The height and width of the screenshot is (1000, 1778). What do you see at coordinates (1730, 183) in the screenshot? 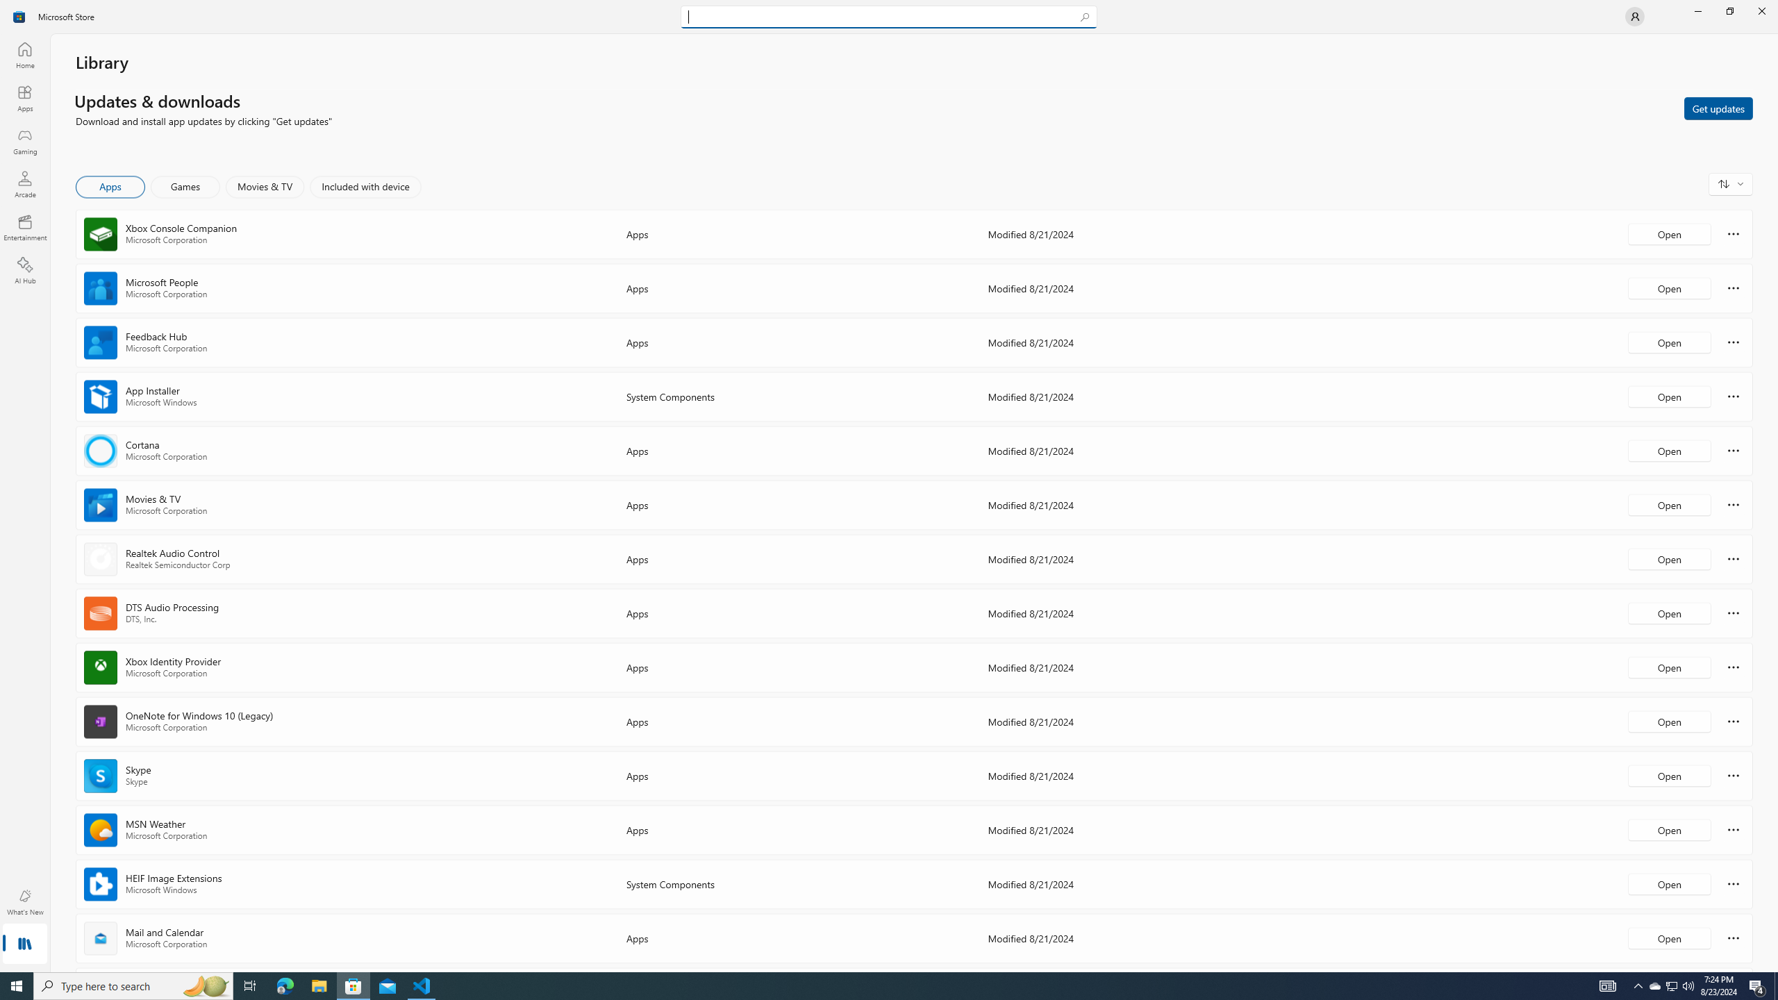
I see `'Sort and filter'` at bounding box center [1730, 183].